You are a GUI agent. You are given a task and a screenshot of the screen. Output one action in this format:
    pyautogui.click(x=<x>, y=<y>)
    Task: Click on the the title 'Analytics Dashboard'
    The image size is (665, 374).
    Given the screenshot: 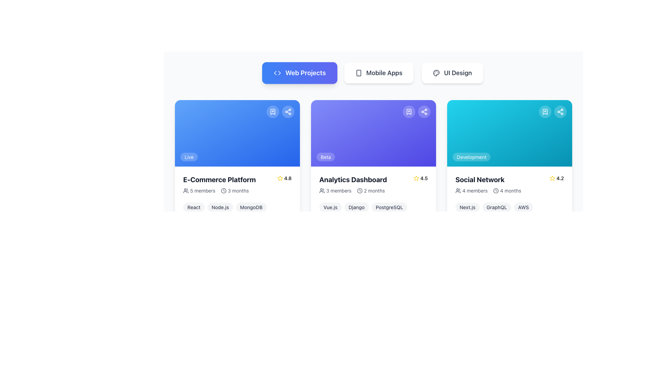 What is the action you would take?
    pyautogui.click(x=373, y=184)
    